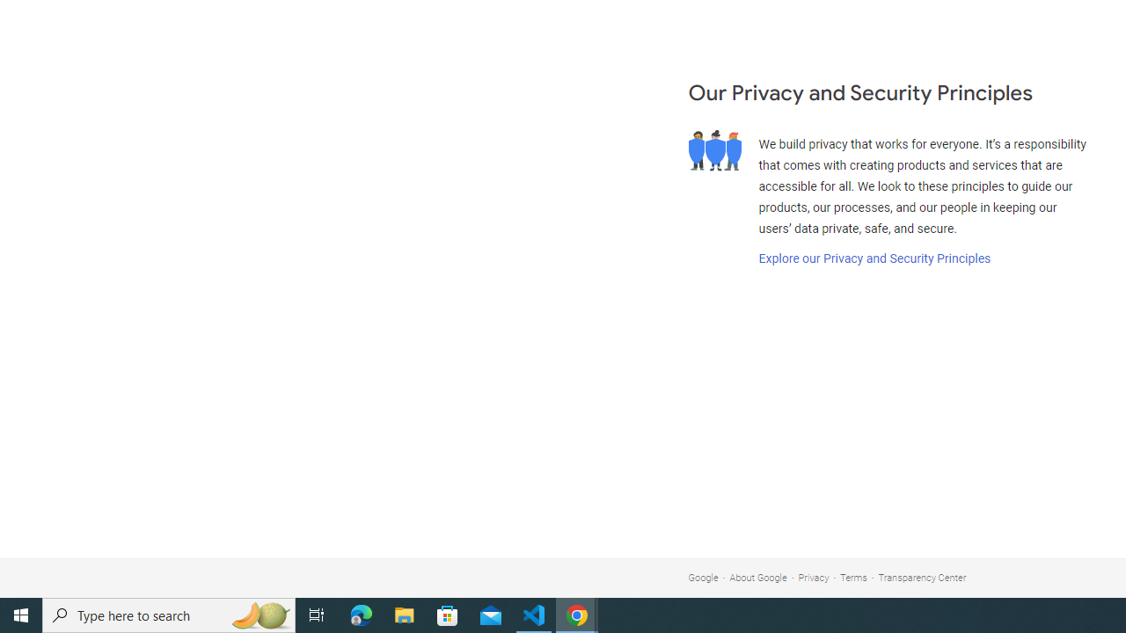  Describe the element at coordinates (874, 258) in the screenshot. I see `'Explore our Privacy and Security Principles'` at that location.